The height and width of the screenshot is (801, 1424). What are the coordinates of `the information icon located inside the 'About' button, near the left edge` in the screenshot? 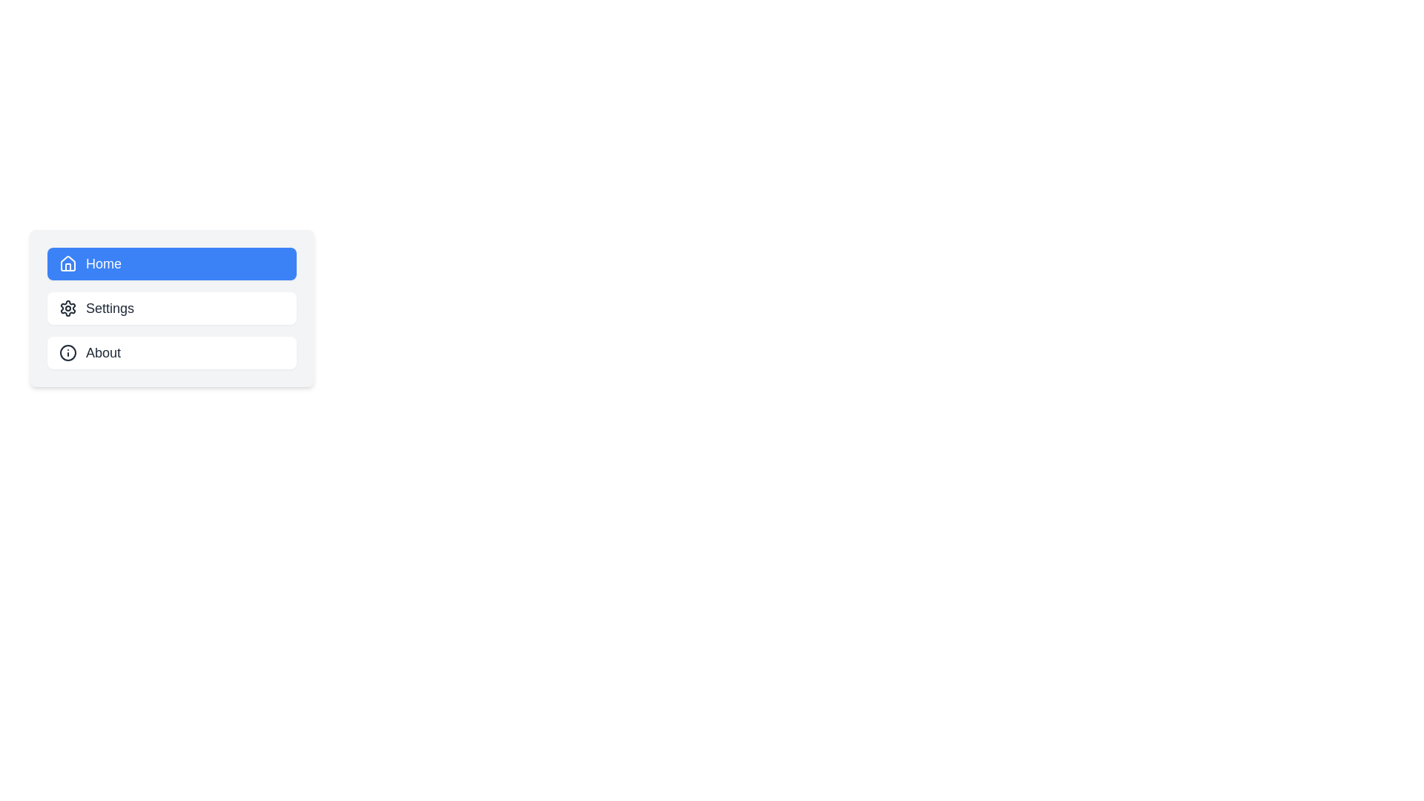 It's located at (67, 352).